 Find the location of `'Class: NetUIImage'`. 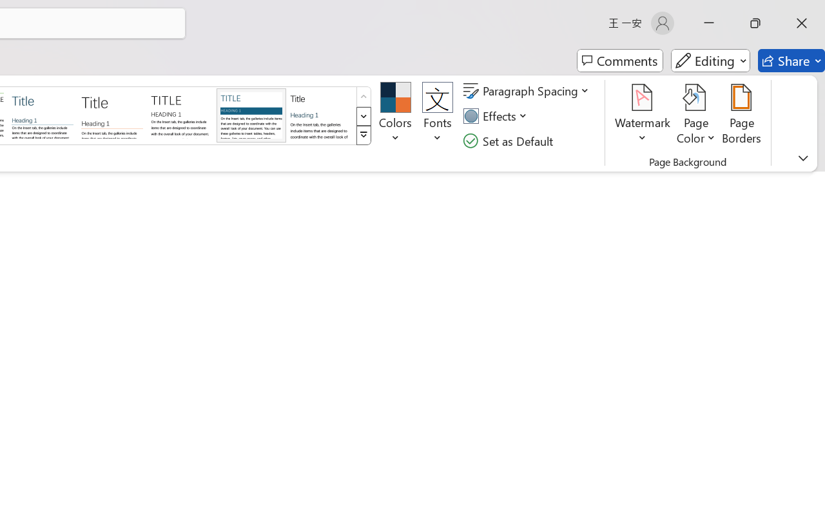

'Class: NetUIImage' is located at coordinates (364, 135).